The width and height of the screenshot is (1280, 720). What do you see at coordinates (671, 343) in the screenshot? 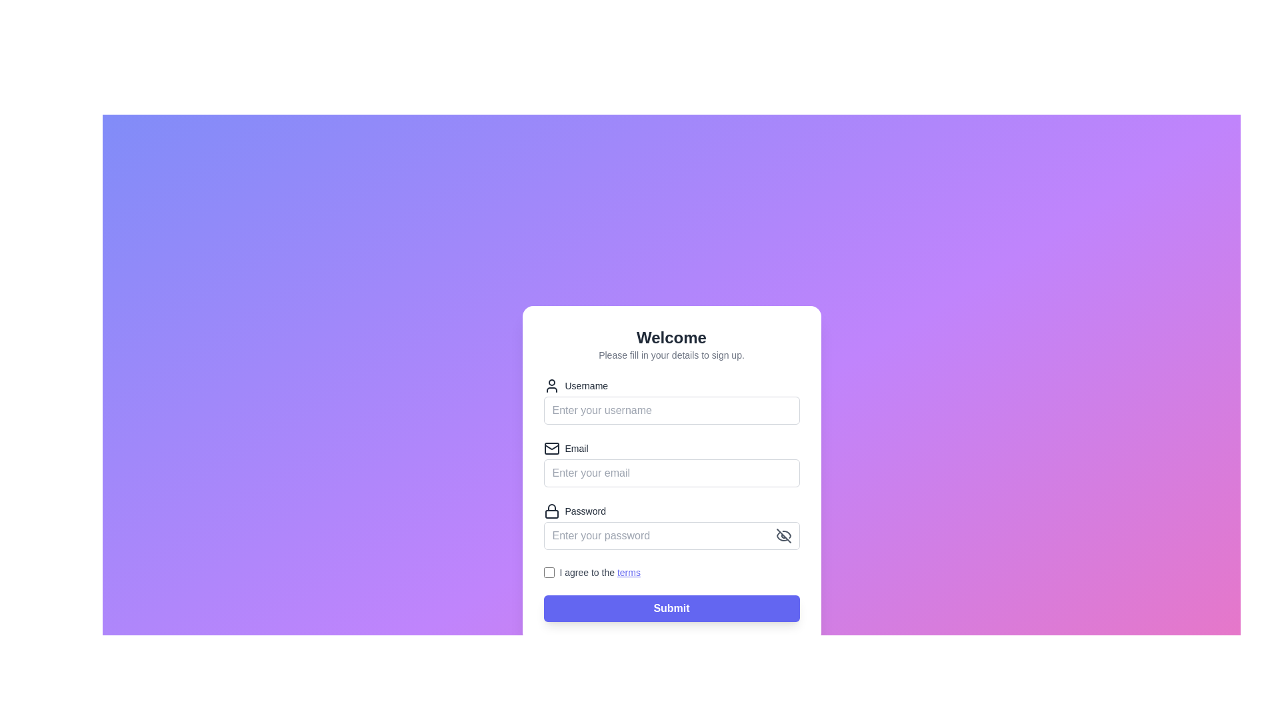
I see `the text element with the heading 'Welcome' and the subheading 'Please fill in your details to sign up.' which is positioned at the top of the form card interface` at bounding box center [671, 343].